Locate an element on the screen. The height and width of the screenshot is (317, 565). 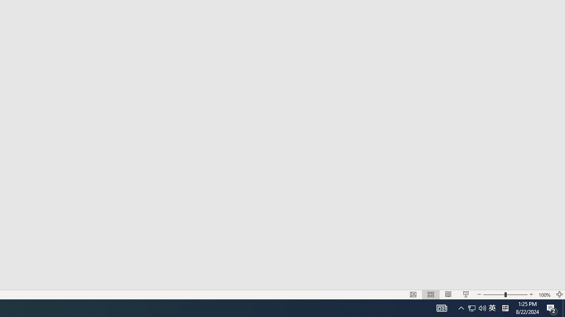
'Zoom 100%' is located at coordinates (544, 295).